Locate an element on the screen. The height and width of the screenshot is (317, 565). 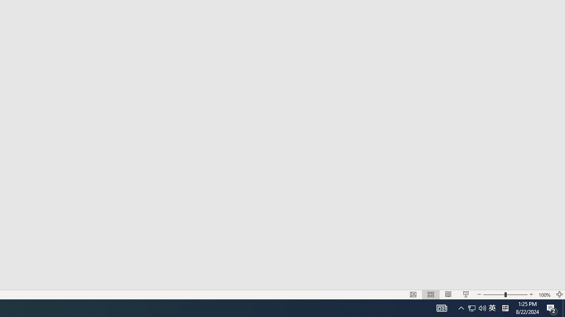
'Zoom 100%' is located at coordinates (544, 295).